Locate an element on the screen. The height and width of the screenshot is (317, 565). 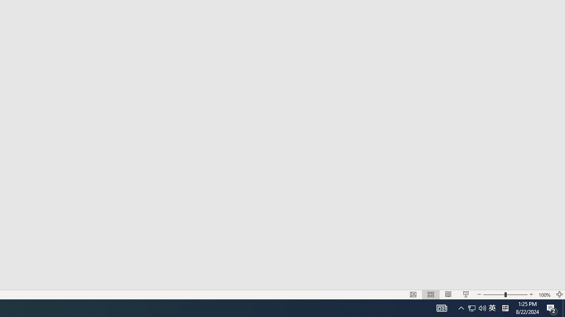
'Zoom 100%' is located at coordinates (544, 295).